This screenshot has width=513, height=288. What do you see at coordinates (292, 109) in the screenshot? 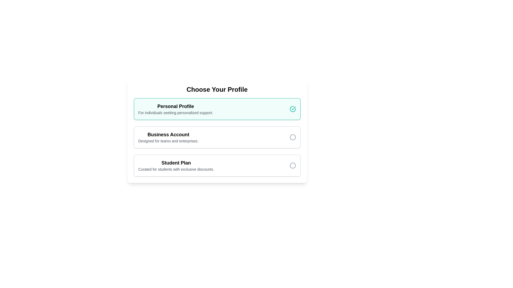
I see `the visual indicator icon that indicates the 'Personal Profile' option has been selected in the user profile selection interface` at bounding box center [292, 109].